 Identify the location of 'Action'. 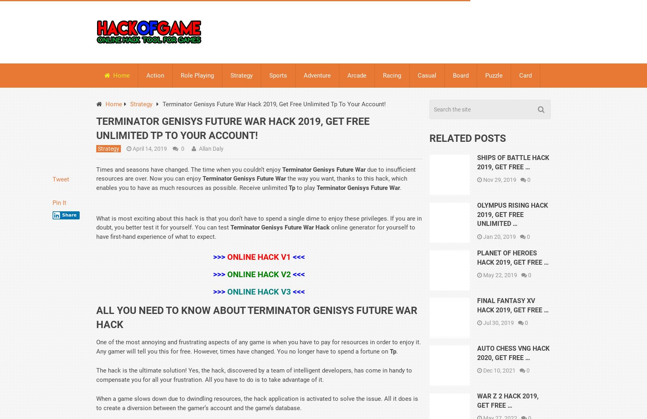
(155, 75).